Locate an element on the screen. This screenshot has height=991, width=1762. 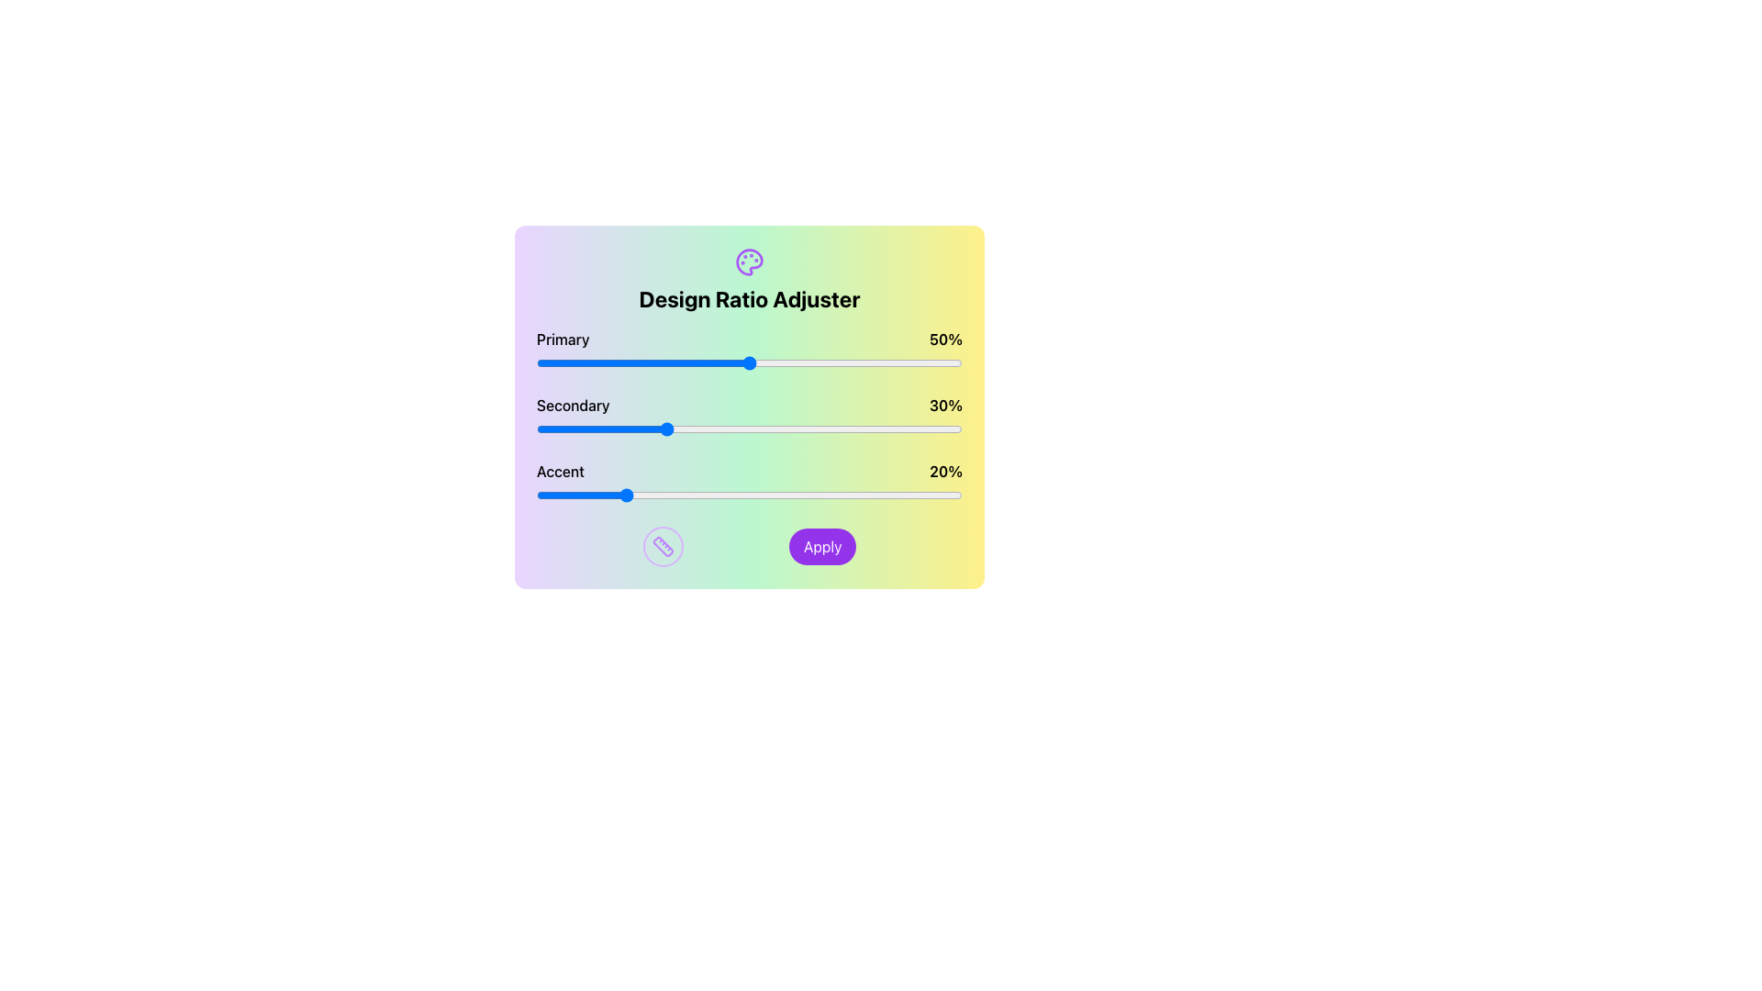
the non-interactive visual indicator icon that symbolizes measurement or adjustment, located to the left of the 'Apply' button is located at coordinates (662, 546).